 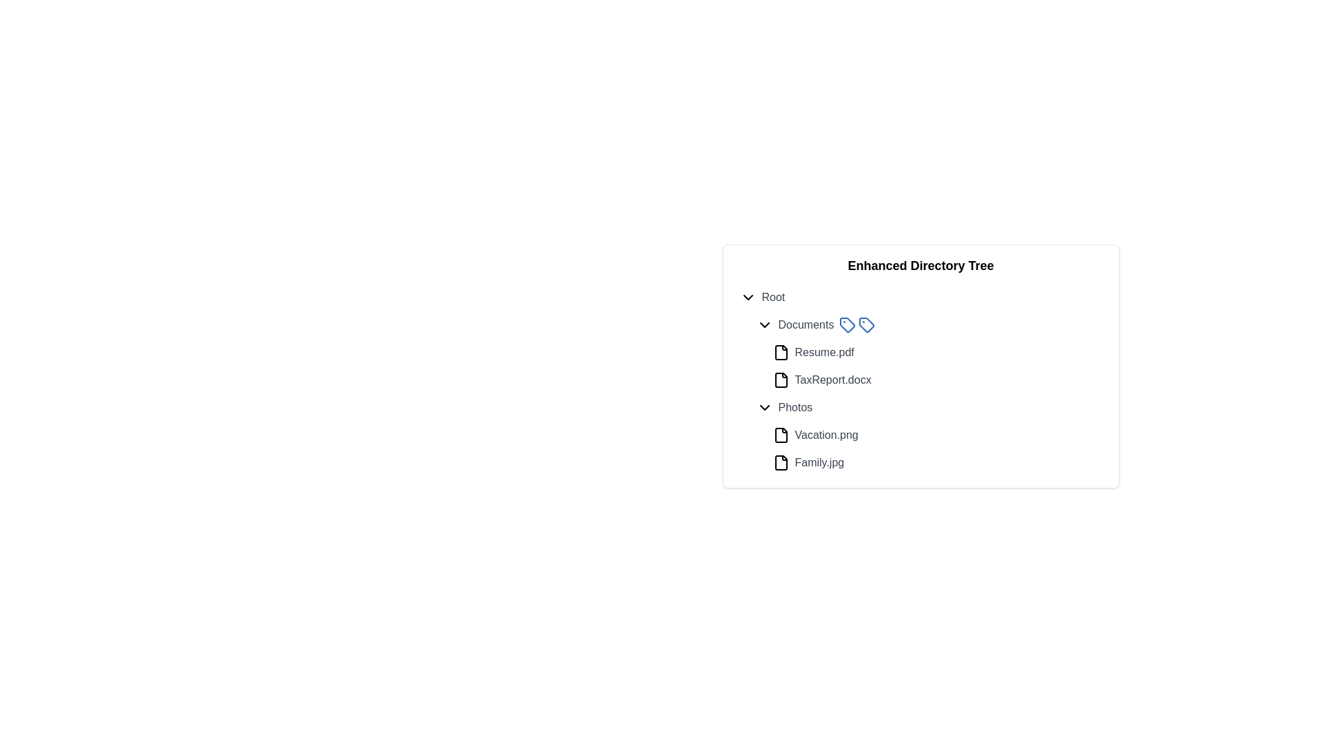 I want to click on the Dropdown indicator or chevron icon, so click(x=763, y=406).